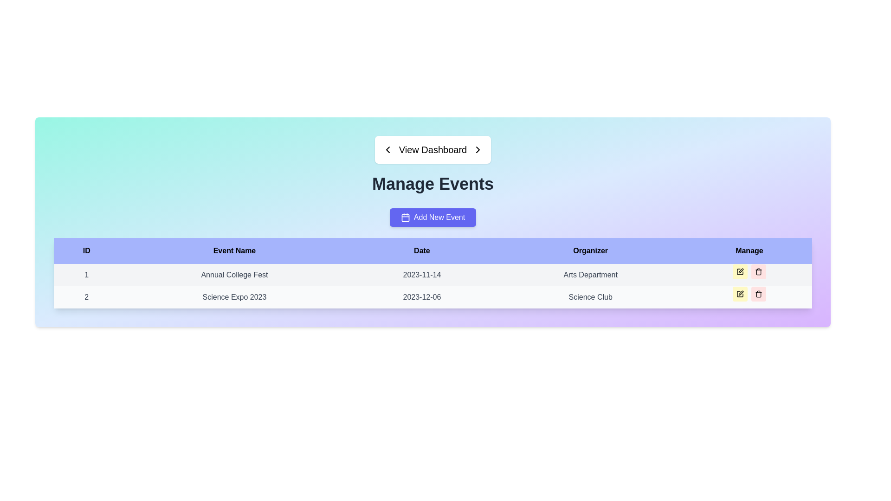 The height and width of the screenshot is (501, 891). Describe the element at coordinates (739, 271) in the screenshot. I see `the pen icon button on the yellow background in the 'Manage' column under the 'Annual College Fest' row` at that location.